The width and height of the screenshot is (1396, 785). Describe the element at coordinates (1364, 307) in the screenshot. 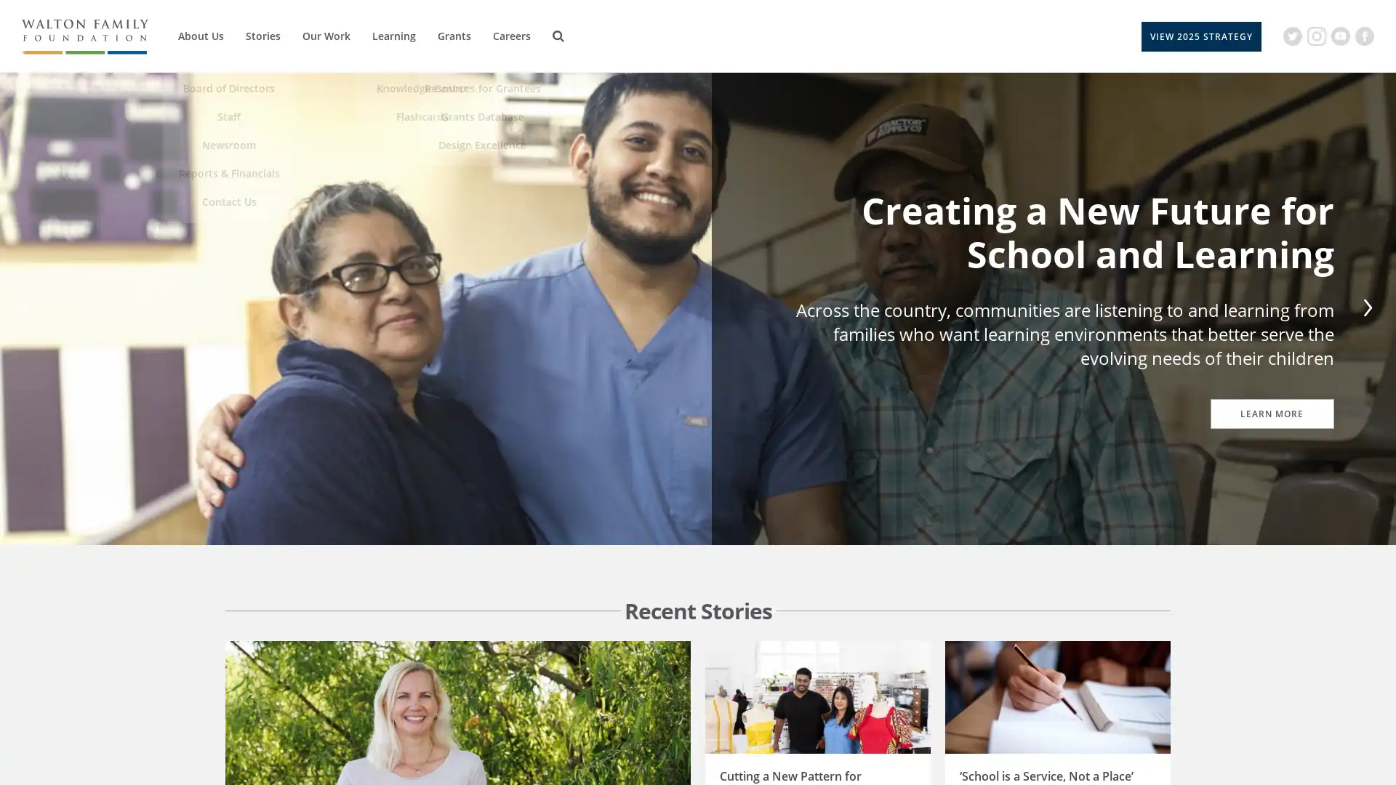

I see `Next` at that location.